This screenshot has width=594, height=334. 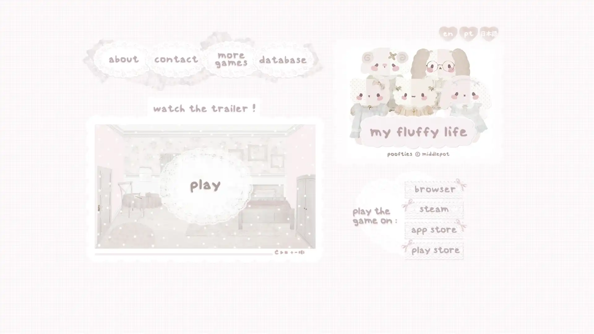 What do you see at coordinates (251, 209) in the screenshot?
I see `mute` at bounding box center [251, 209].